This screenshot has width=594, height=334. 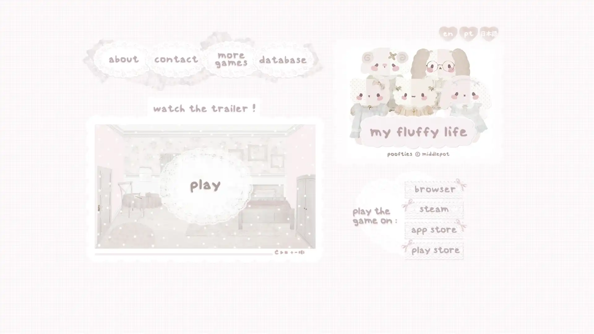 What do you see at coordinates (251, 209) in the screenshot?
I see `mute` at bounding box center [251, 209].